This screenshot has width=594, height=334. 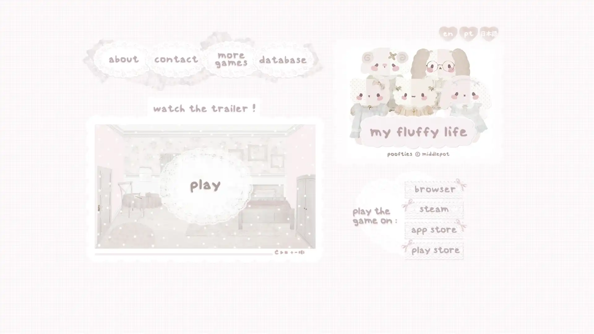 What do you see at coordinates (251, 209) in the screenshot?
I see `mute` at bounding box center [251, 209].